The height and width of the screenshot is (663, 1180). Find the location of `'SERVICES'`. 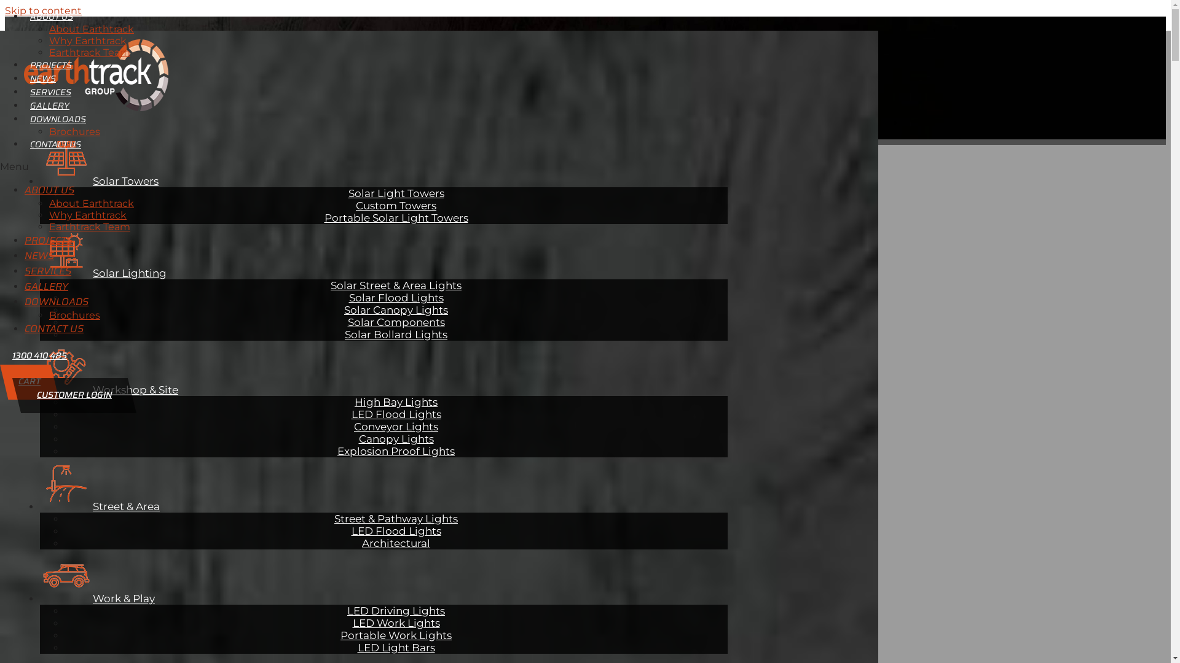

'SERVICES' is located at coordinates (50, 91).